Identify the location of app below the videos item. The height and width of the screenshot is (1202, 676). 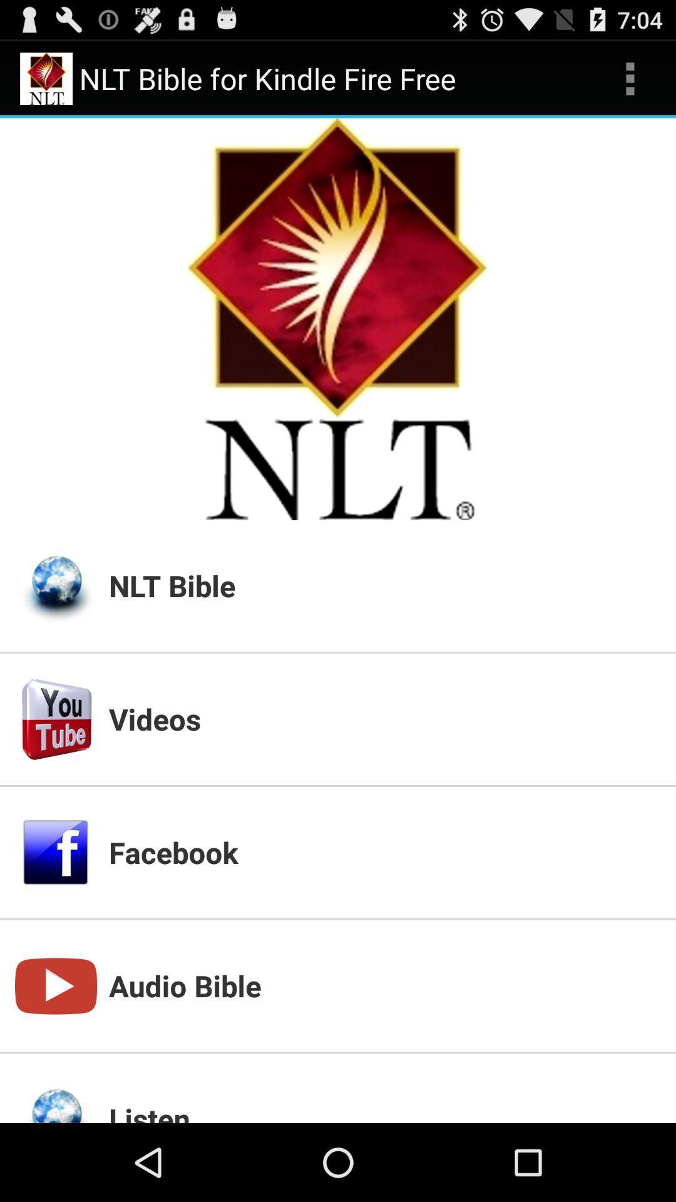
(384, 851).